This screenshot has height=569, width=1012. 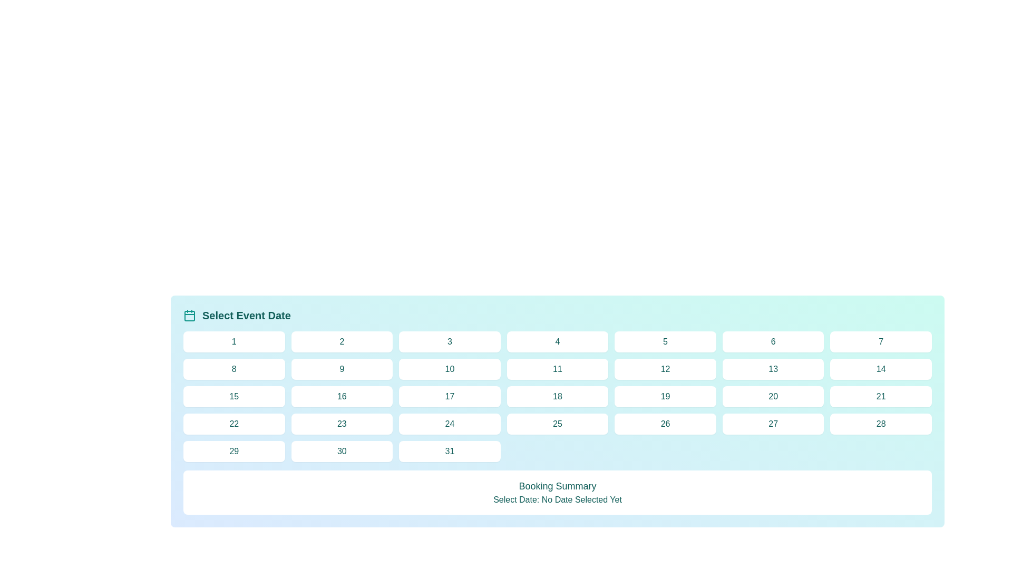 What do you see at coordinates (233, 424) in the screenshot?
I see `the button` at bounding box center [233, 424].